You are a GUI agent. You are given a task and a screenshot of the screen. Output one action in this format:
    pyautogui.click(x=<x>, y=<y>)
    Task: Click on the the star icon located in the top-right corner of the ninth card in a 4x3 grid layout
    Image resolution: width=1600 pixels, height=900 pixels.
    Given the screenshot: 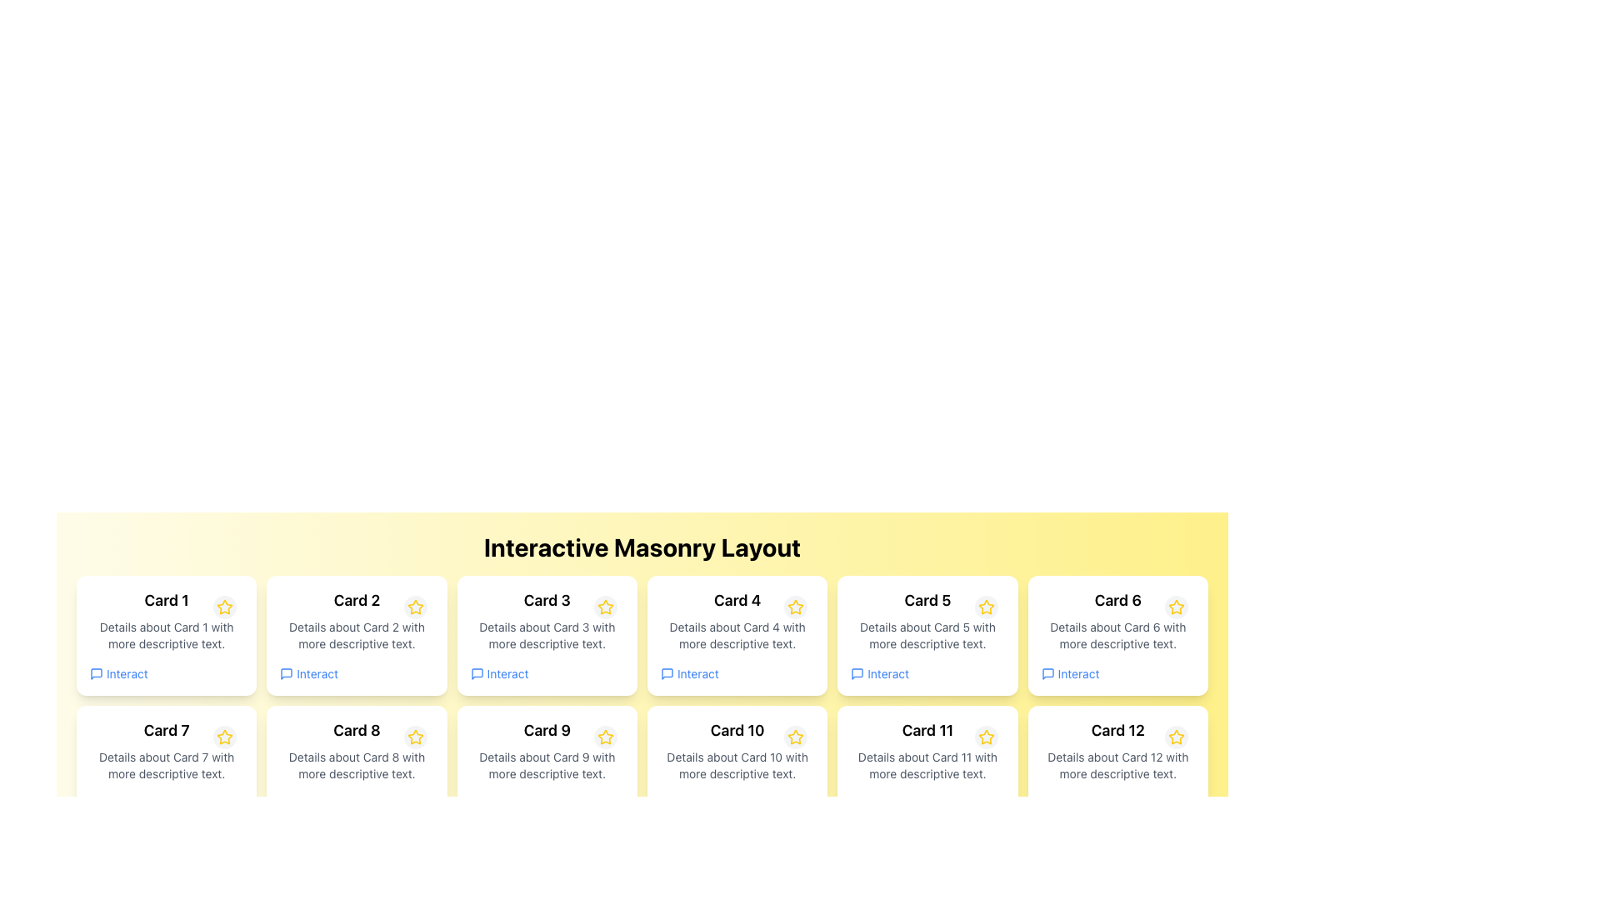 What is the action you would take?
    pyautogui.click(x=604, y=736)
    